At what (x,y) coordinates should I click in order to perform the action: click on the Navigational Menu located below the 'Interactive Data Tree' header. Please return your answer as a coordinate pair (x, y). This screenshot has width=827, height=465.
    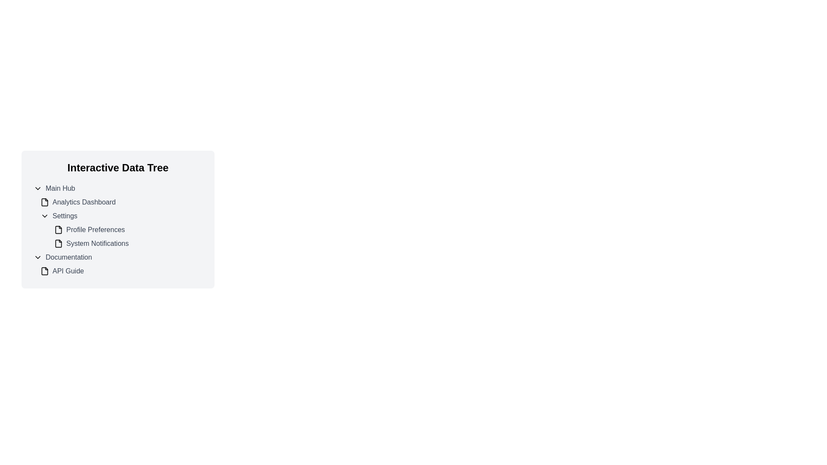
    Looking at the image, I should click on (117, 229).